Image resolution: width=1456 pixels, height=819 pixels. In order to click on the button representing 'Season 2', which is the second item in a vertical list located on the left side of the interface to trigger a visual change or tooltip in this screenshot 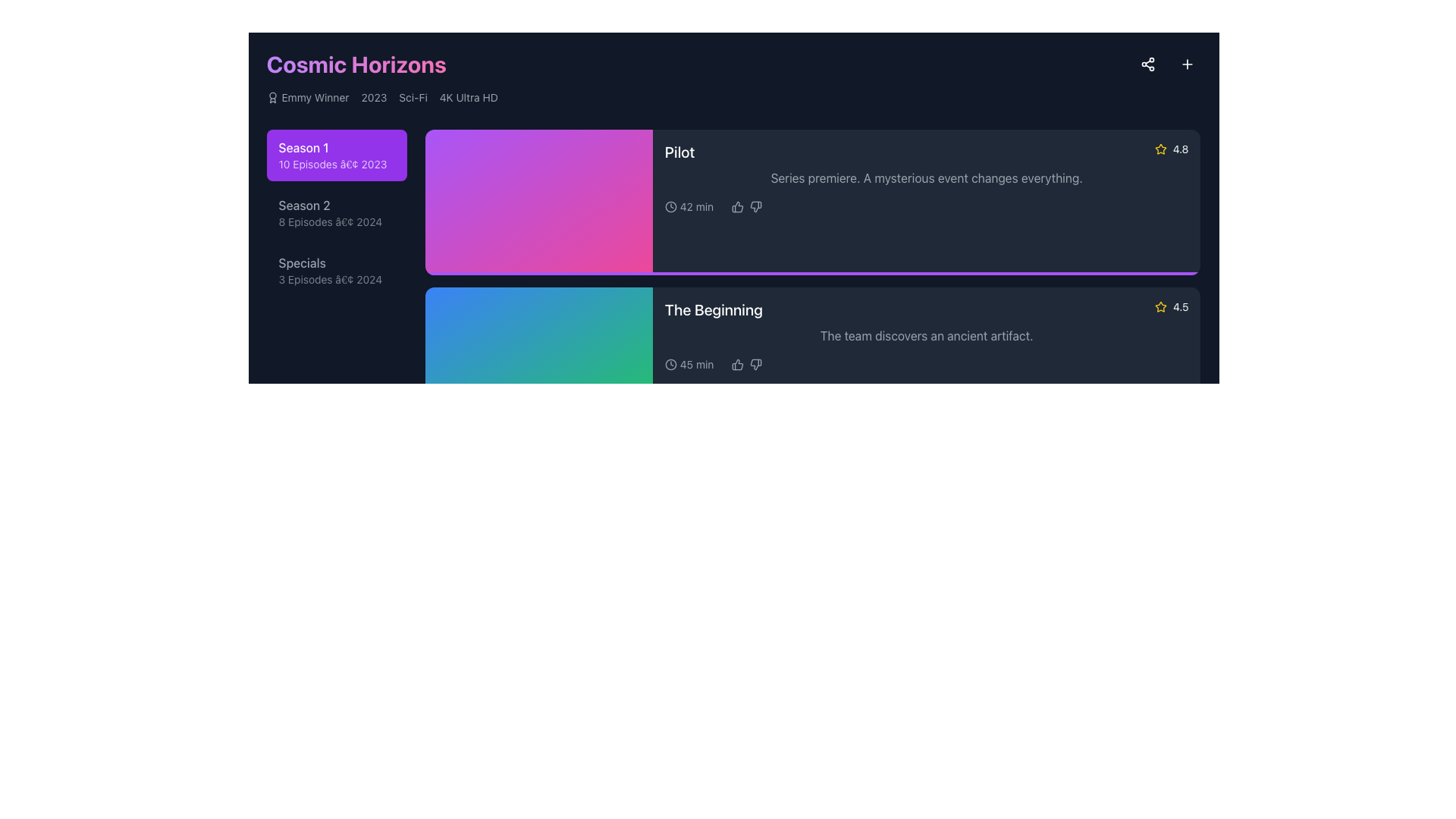, I will do `click(336, 213)`.